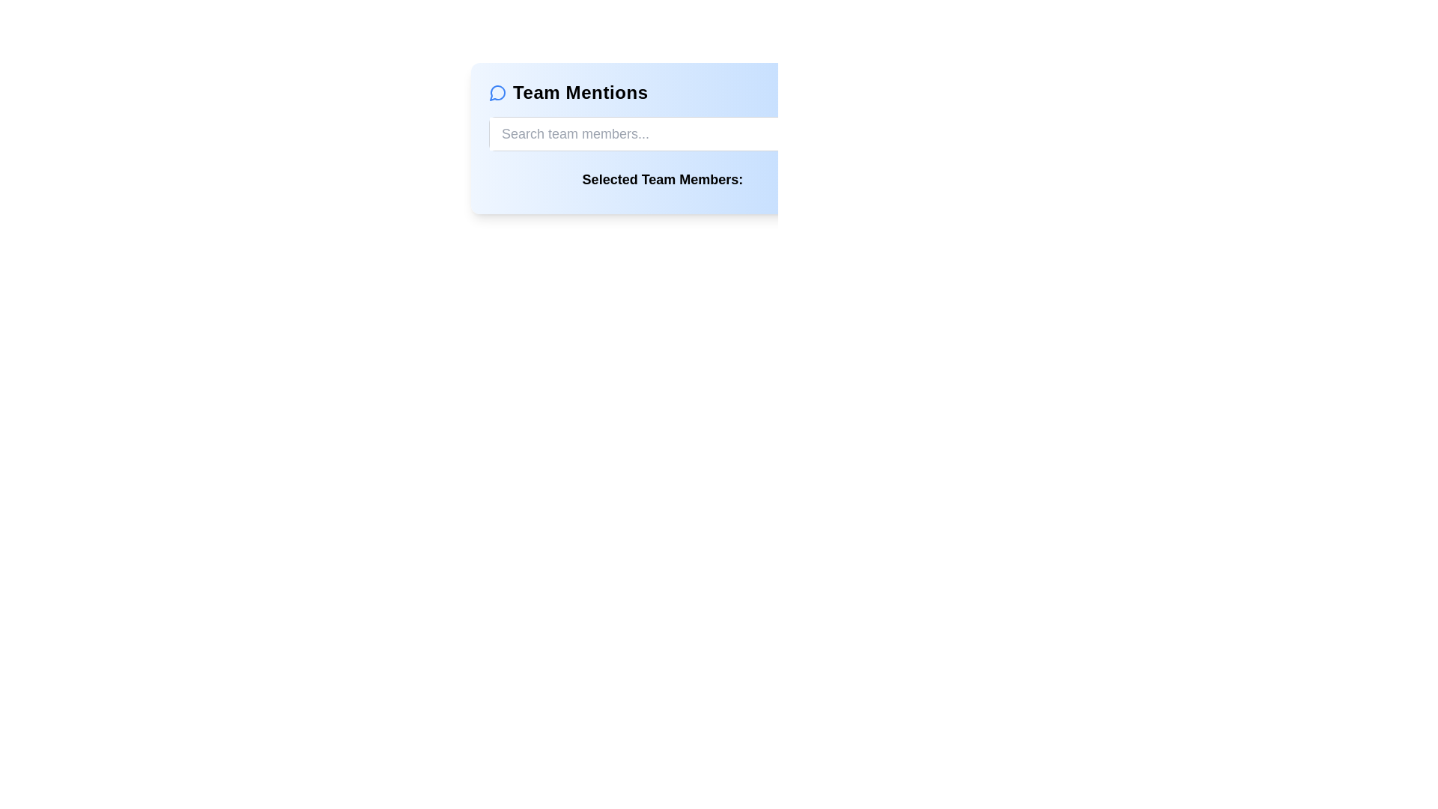 The height and width of the screenshot is (809, 1438). I want to click on the non-interactive Text label that serves as a header, located slightly below the 'Search team members...' input field, so click(661, 178).